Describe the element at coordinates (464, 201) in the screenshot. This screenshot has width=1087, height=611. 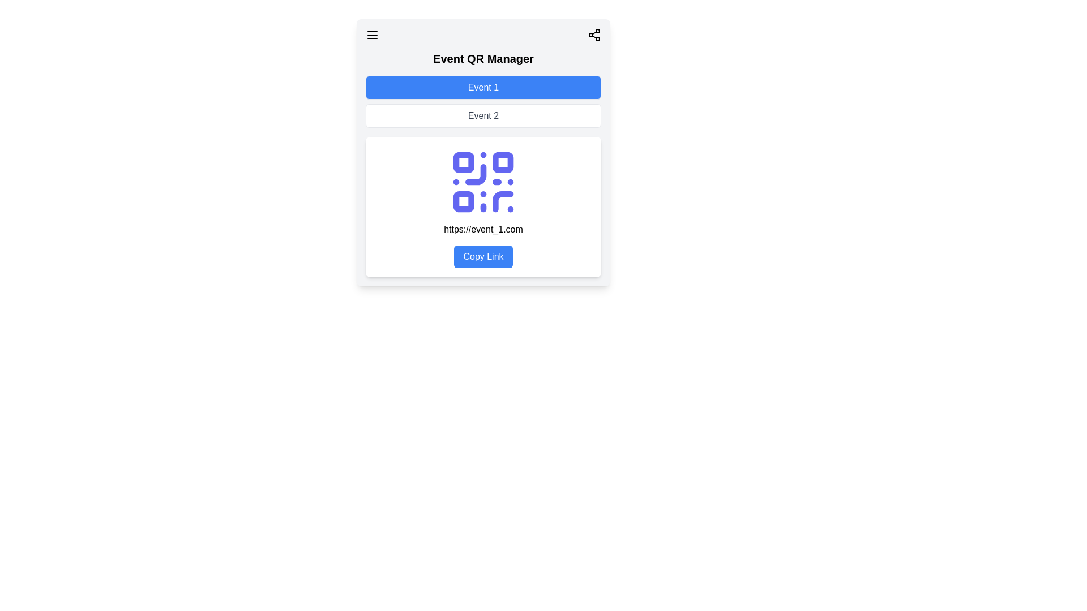
I see `the small rectangular decorative graphical element with rounded corners in blue, located at the bottom-left of the QR code structure` at that location.